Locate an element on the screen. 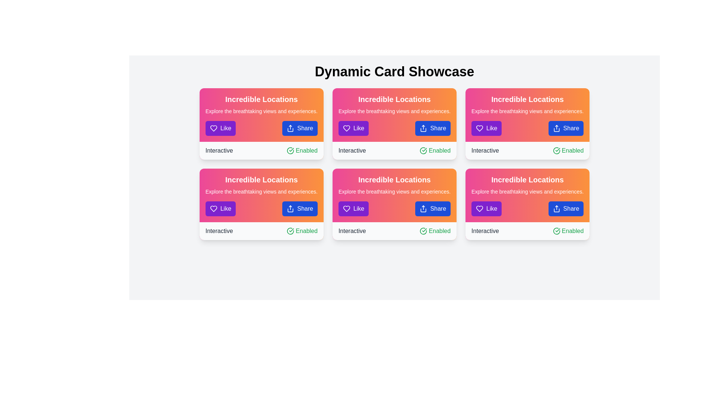  the share icon located inside the 'Share' button in the second card of the second row of the displayed grid layout is located at coordinates (423, 208).